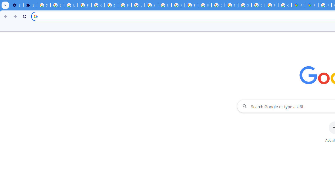  What do you see at coordinates (57, 5) in the screenshot?
I see `'Delete photos & videos - Computer - Google Photos Help'` at bounding box center [57, 5].